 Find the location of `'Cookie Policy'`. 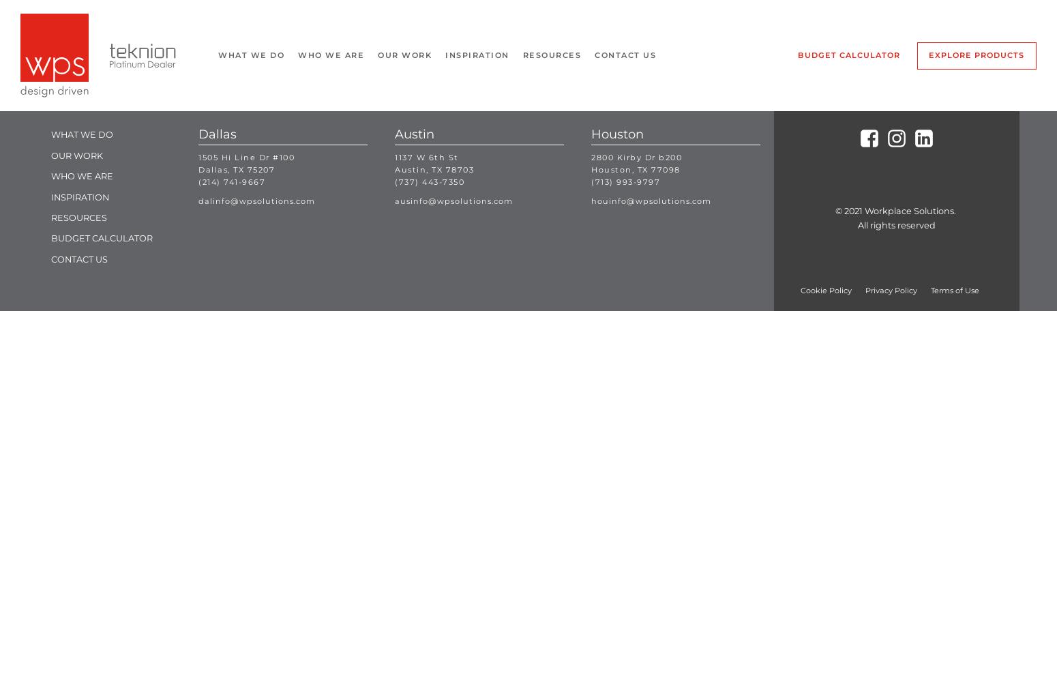

'Cookie Policy' is located at coordinates (826, 291).